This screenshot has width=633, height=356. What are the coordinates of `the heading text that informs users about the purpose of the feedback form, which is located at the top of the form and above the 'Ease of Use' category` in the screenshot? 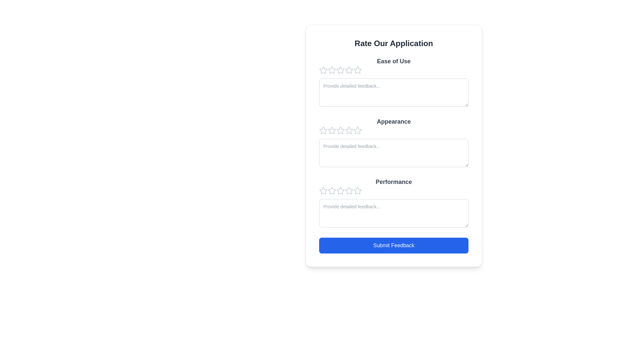 It's located at (394, 43).